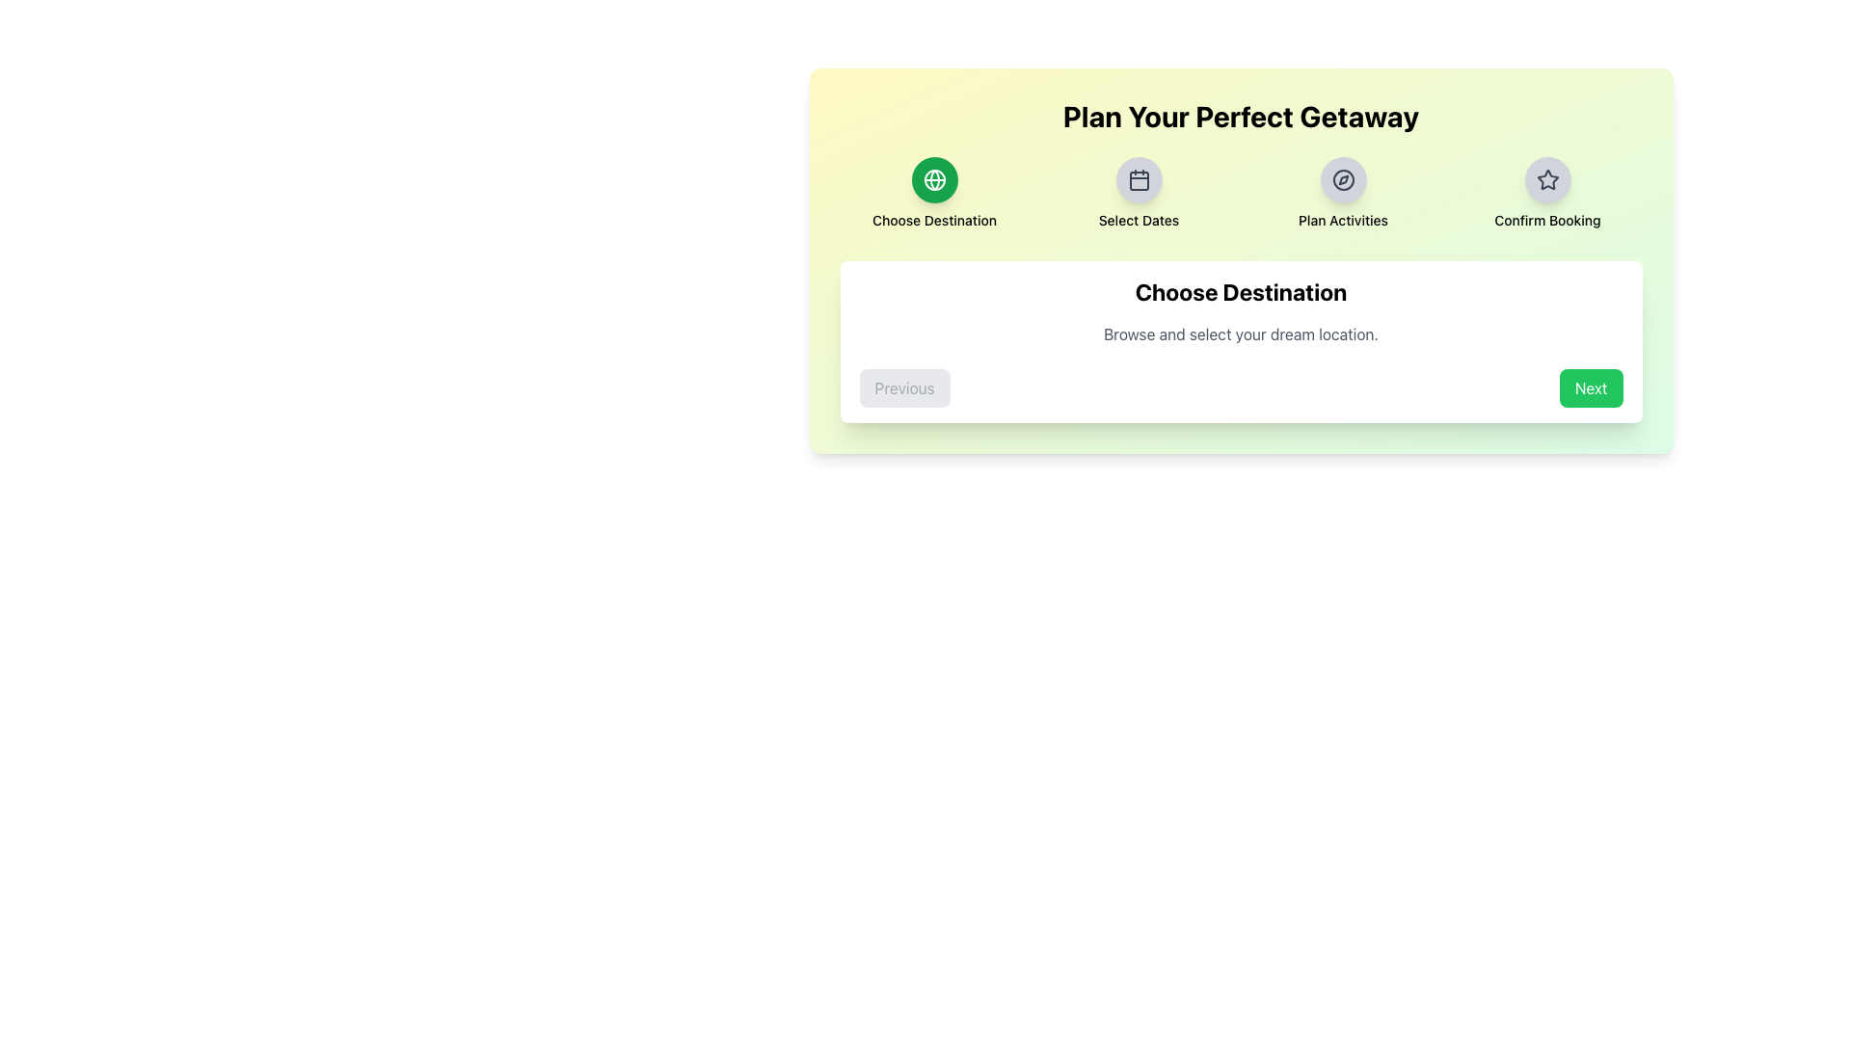 This screenshot has height=1041, width=1851. What do you see at coordinates (1139, 181) in the screenshot?
I see `the calendar icon in the Select Dates section, which is a rectangular shape with rounded corners, positioned centrally below the icon's title` at bounding box center [1139, 181].